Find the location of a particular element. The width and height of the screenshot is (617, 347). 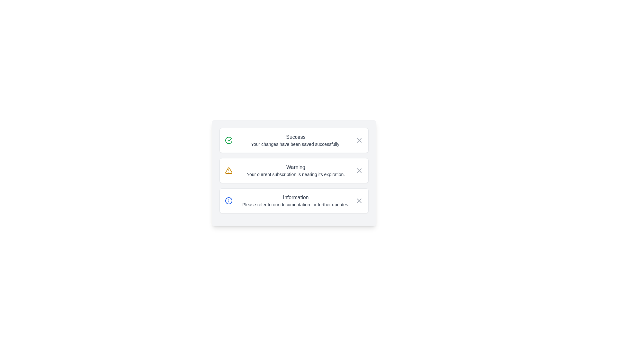

the text element that warns the user about their subscription nearing expiration, which is centrally aligned in the second row of notifications is located at coordinates (295, 170).